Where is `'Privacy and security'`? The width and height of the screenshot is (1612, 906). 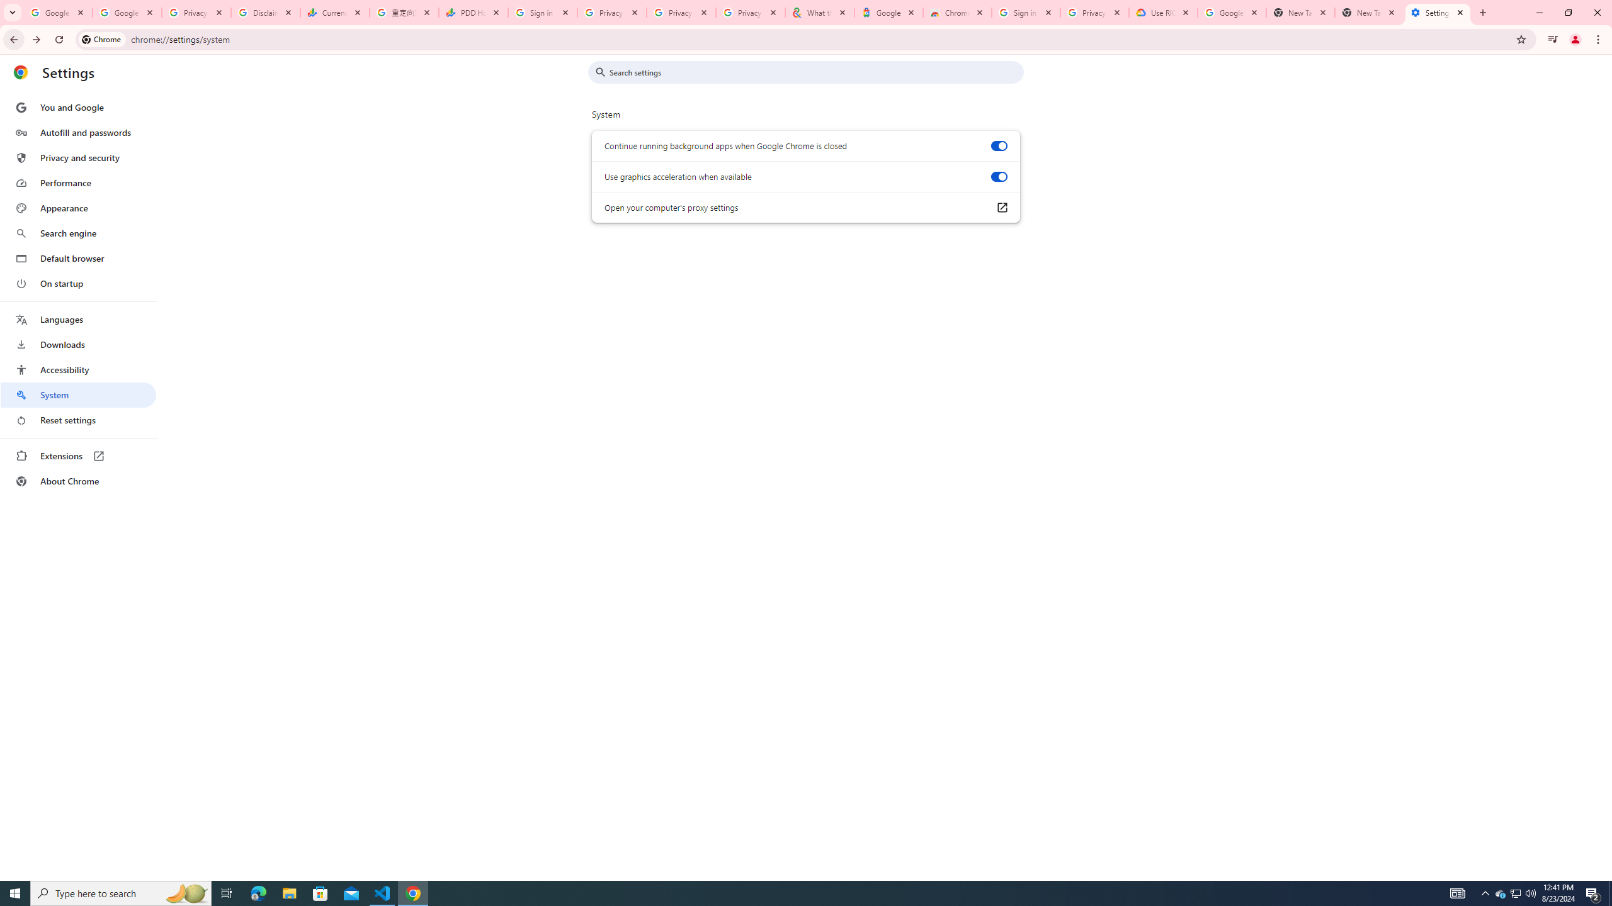 'Privacy and security' is located at coordinates (77, 157).